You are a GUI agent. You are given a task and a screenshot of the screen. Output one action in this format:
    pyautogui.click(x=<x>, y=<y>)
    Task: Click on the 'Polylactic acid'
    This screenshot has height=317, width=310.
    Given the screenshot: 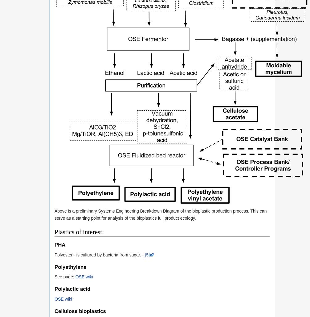 What is the action you would take?
    pyautogui.click(x=54, y=289)
    